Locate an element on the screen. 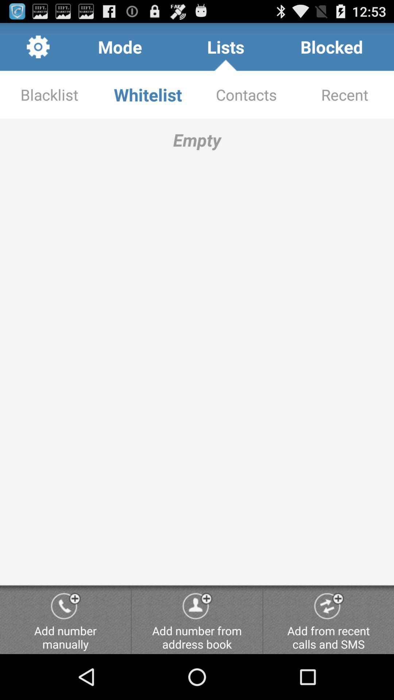 The image size is (394, 700). the icon at the center is located at coordinates (197, 352).